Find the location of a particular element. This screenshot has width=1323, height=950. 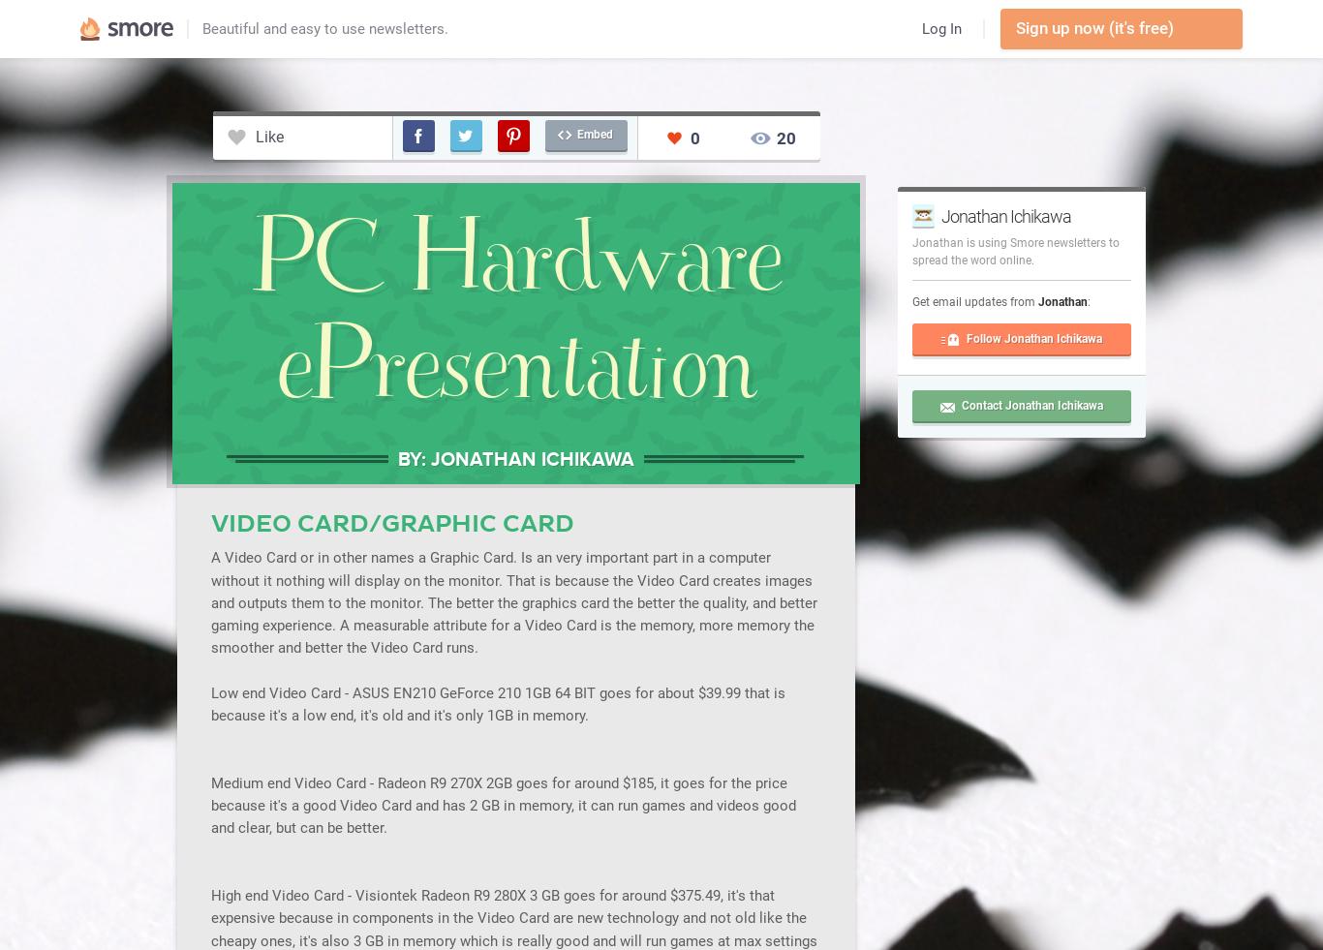

'Contact Jonathan Ichikawa' is located at coordinates (961, 404).